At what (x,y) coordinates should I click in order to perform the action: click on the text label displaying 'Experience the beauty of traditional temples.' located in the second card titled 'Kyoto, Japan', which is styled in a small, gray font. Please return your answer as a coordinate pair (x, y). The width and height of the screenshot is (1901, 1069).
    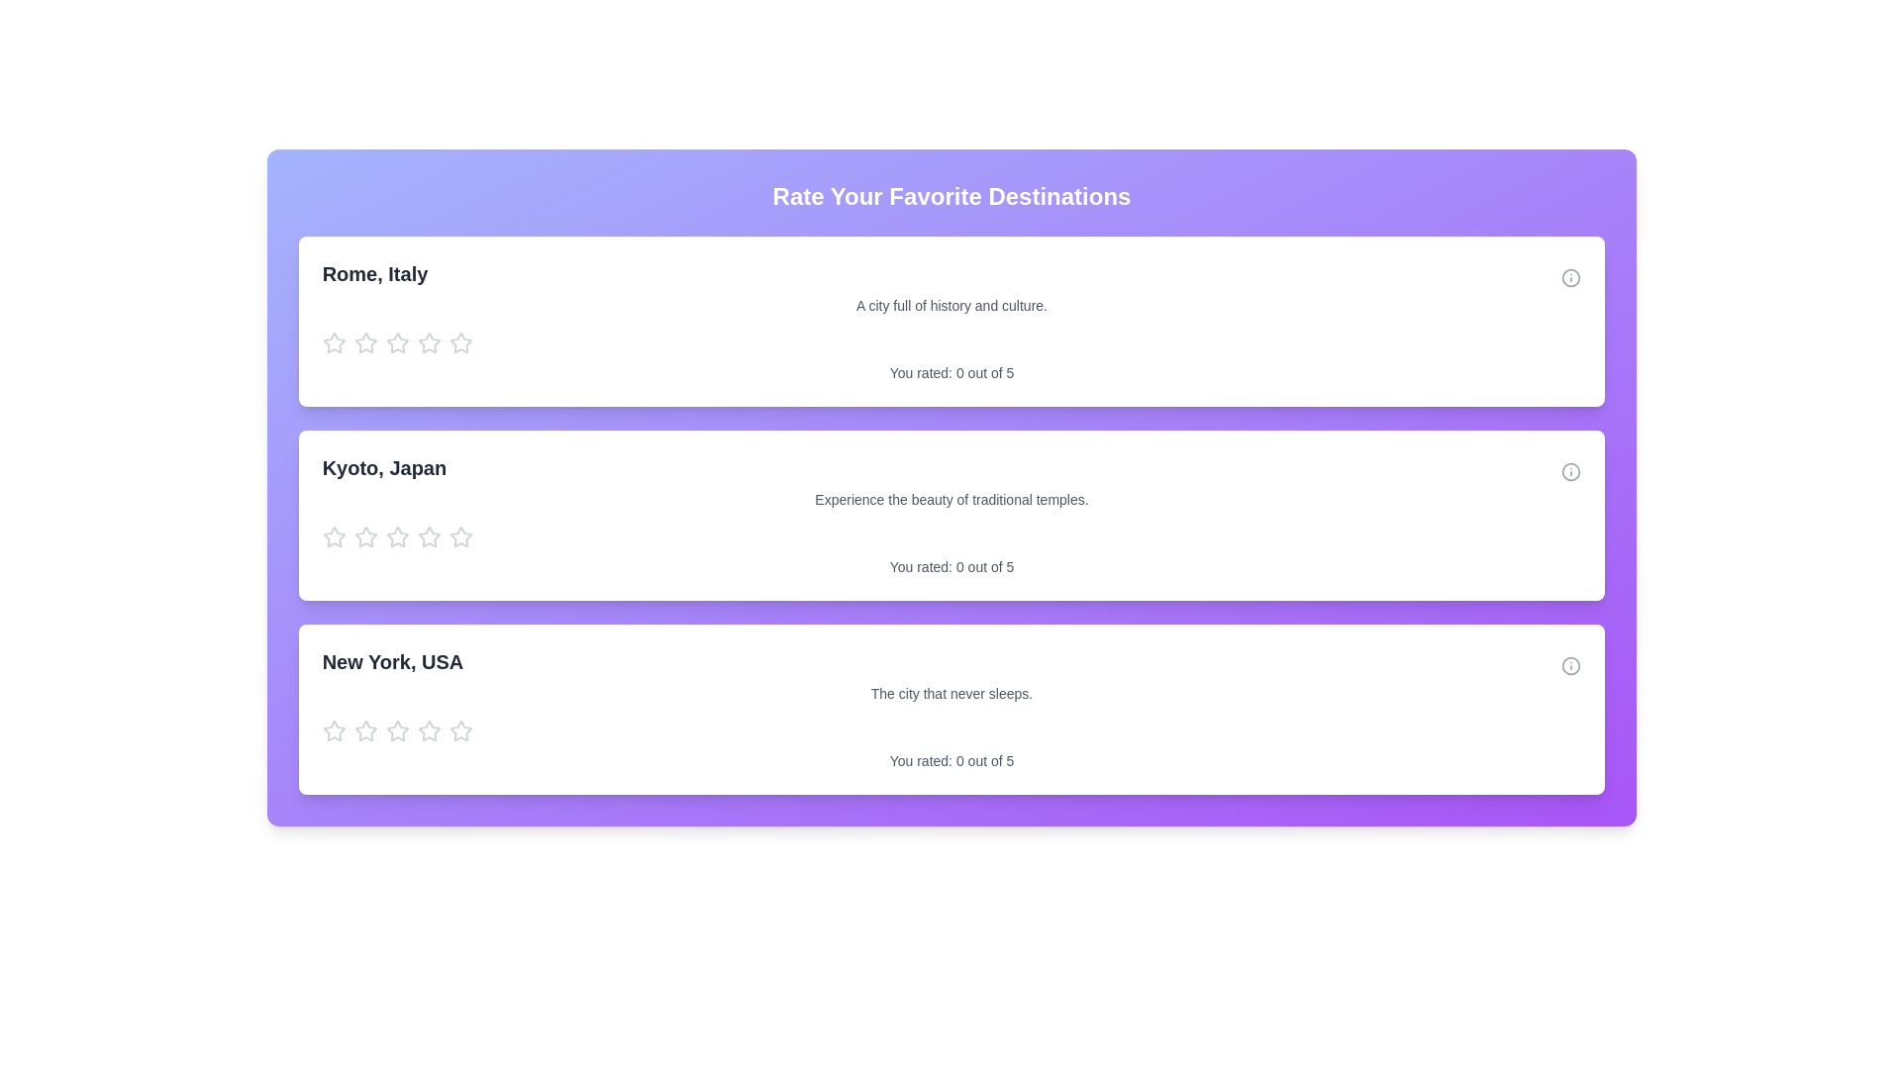
    Looking at the image, I should click on (951, 499).